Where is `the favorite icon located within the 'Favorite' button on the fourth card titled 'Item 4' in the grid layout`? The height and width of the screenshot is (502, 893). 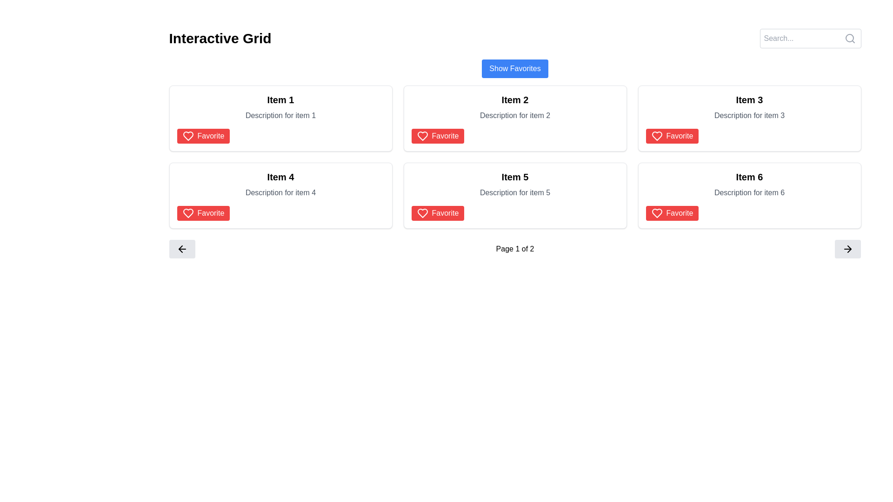
the favorite icon located within the 'Favorite' button on the fourth card titled 'Item 4' in the grid layout is located at coordinates (187, 213).